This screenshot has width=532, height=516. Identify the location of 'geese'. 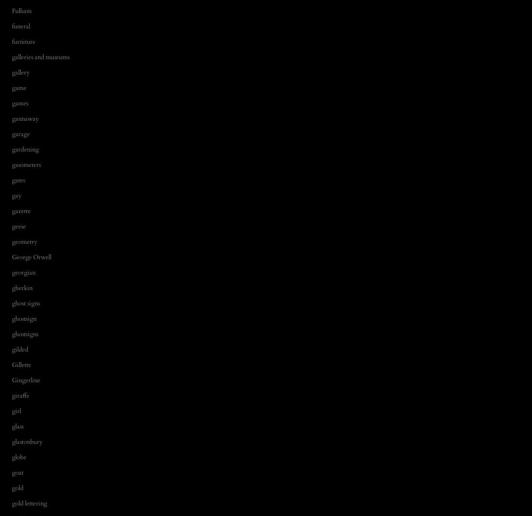
(12, 226).